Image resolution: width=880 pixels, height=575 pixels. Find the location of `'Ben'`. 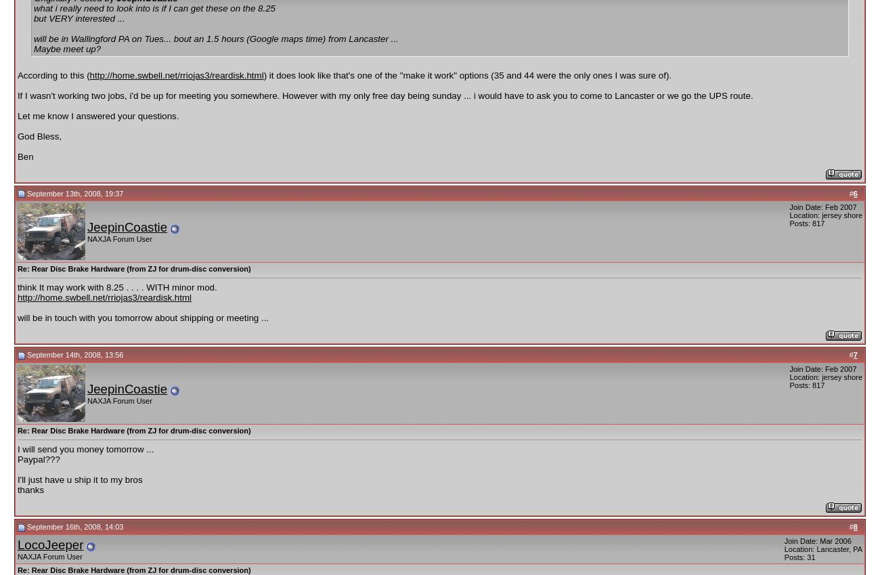

'Ben' is located at coordinates (24, 155).